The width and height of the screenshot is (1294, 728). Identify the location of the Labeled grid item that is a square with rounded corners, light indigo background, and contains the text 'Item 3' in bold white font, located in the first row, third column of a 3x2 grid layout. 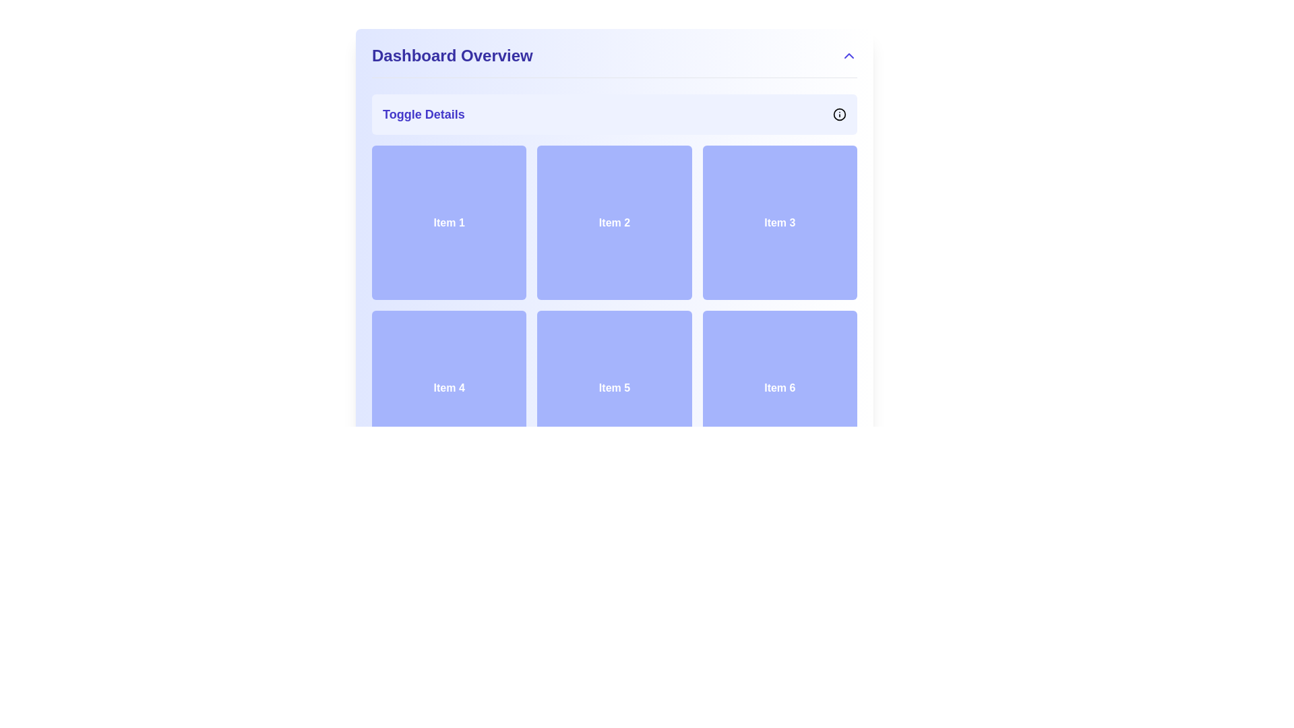
(780, 222).